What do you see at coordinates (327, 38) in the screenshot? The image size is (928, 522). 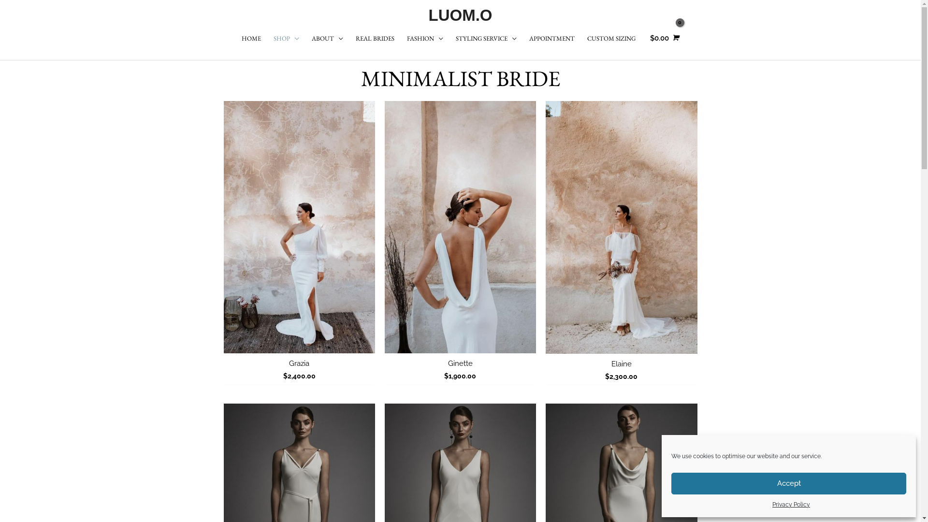 I see `'ABOUT'` at bounding box center [327, 38].